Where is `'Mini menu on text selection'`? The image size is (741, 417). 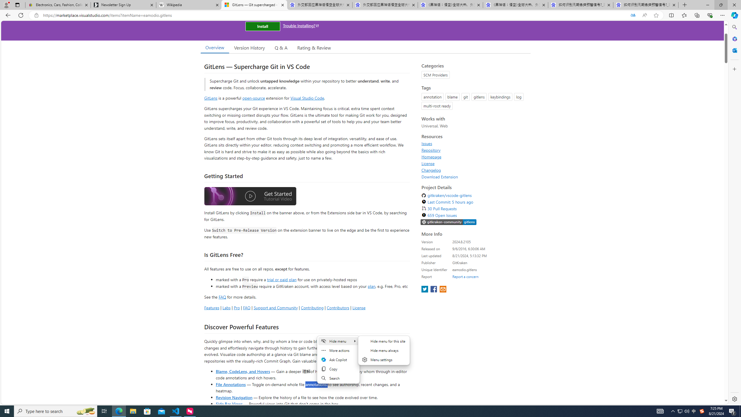
'Mini menu on text selection' is located at coordinates (338, 363).